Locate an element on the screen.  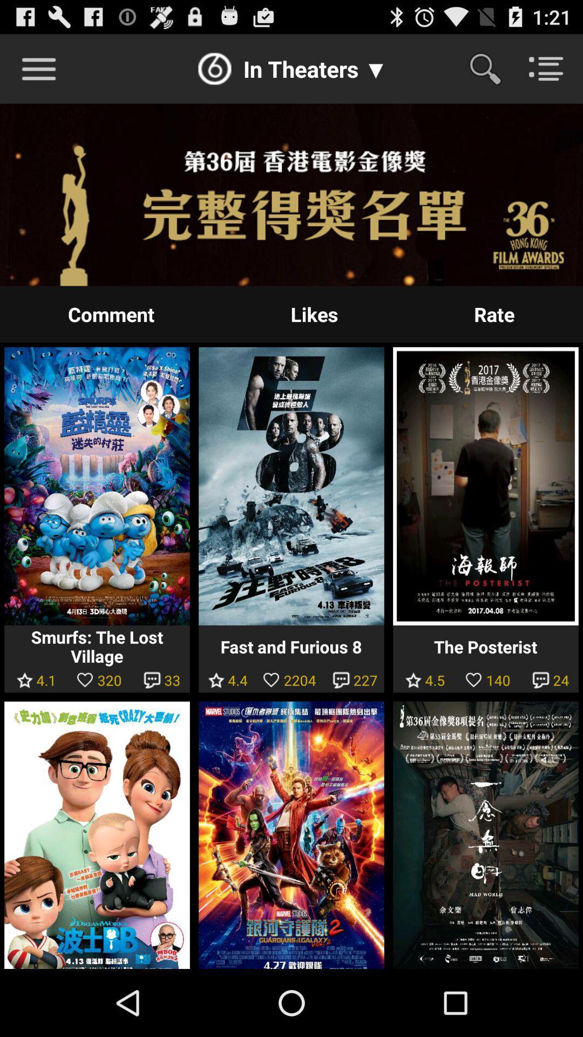
last option above the the posterist is located at coordinates (494, 313).